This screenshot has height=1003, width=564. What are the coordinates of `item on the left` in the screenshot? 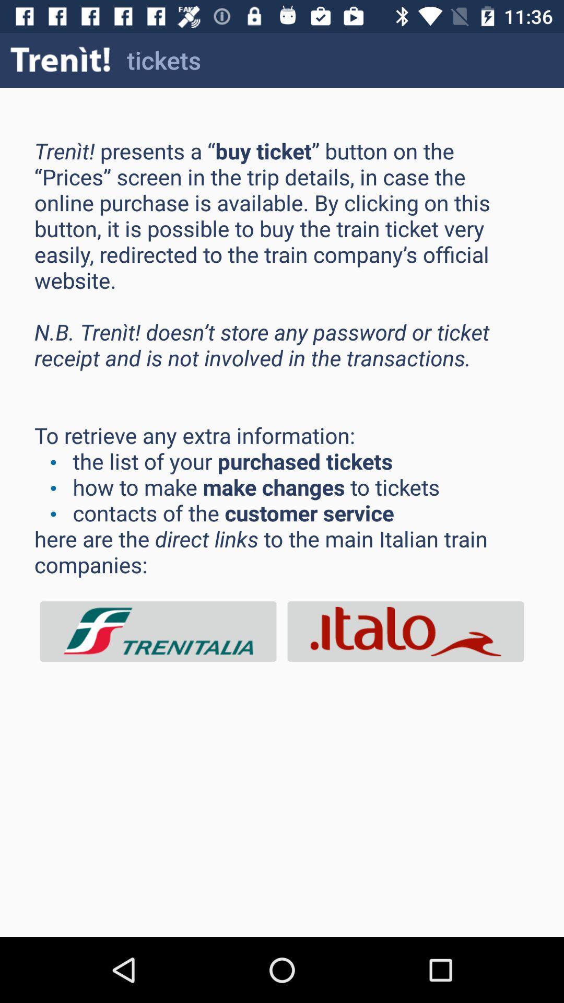 It's located at (158, 631).